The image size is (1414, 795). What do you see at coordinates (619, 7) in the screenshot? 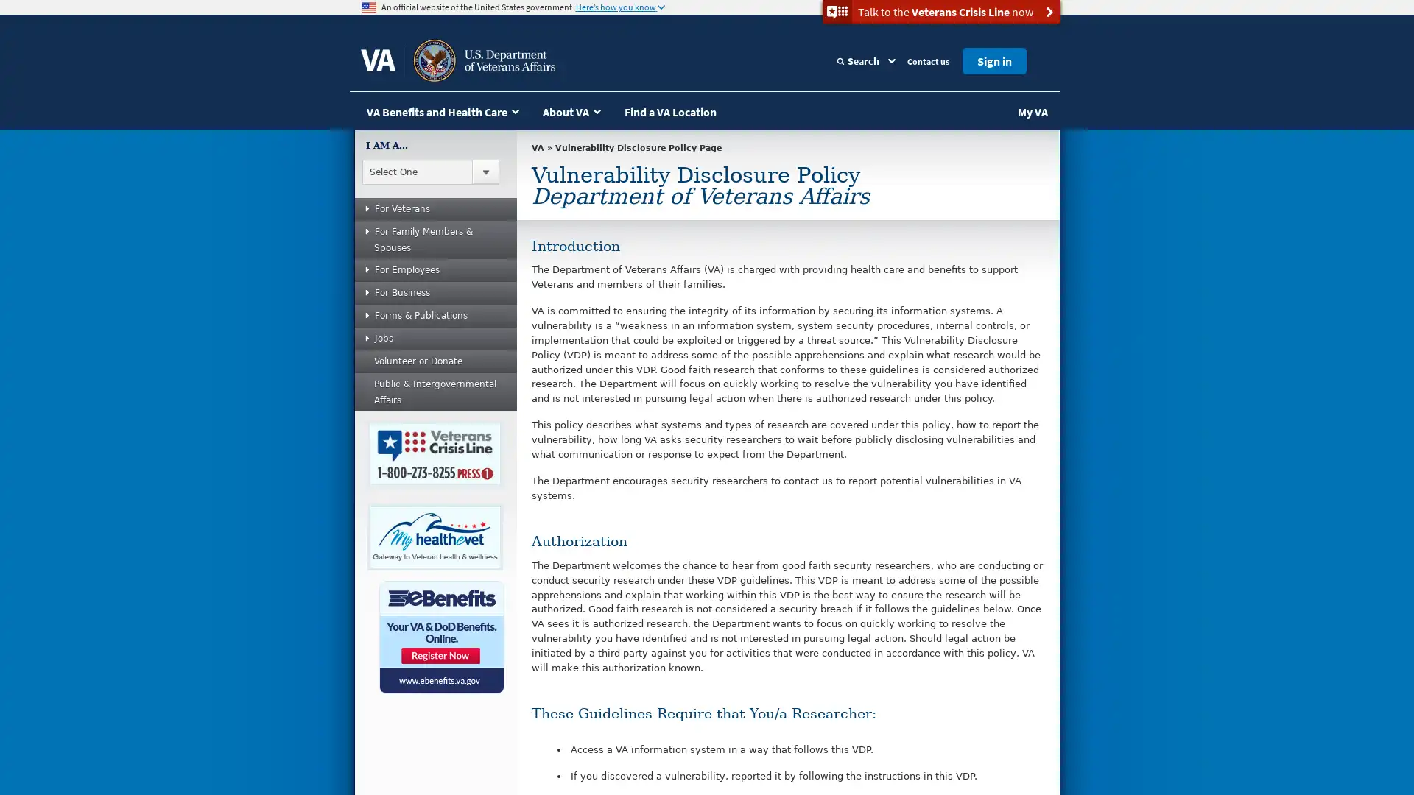
I see `Heres how you know` at bounding box center [619, 7].